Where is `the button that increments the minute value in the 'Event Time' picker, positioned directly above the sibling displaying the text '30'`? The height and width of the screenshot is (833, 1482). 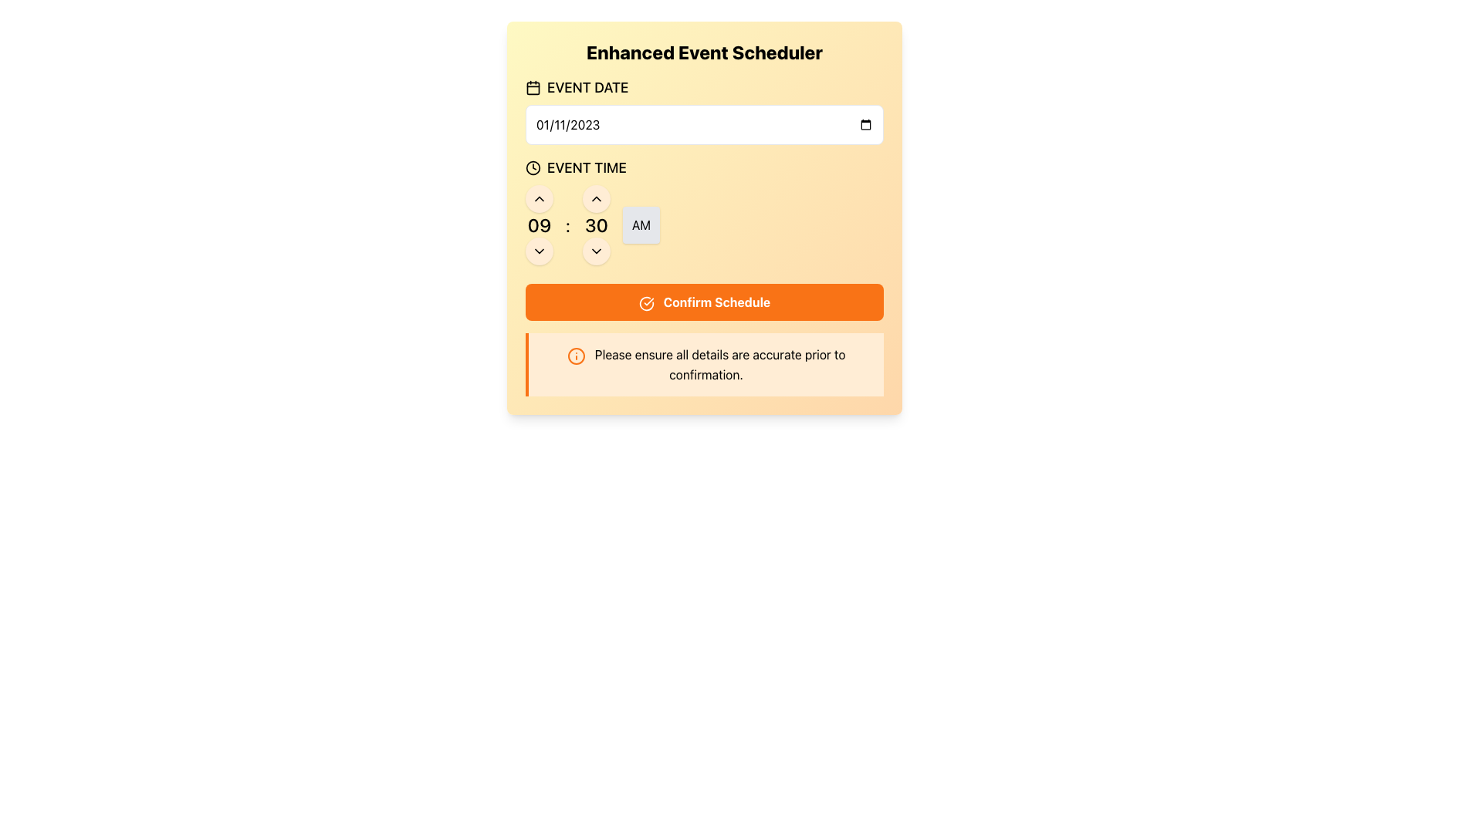 the button that increments the minute value in the 'Event Time' picker, positioned directly above the sibling displaying the text '30' is located at coordinates (595, 198).